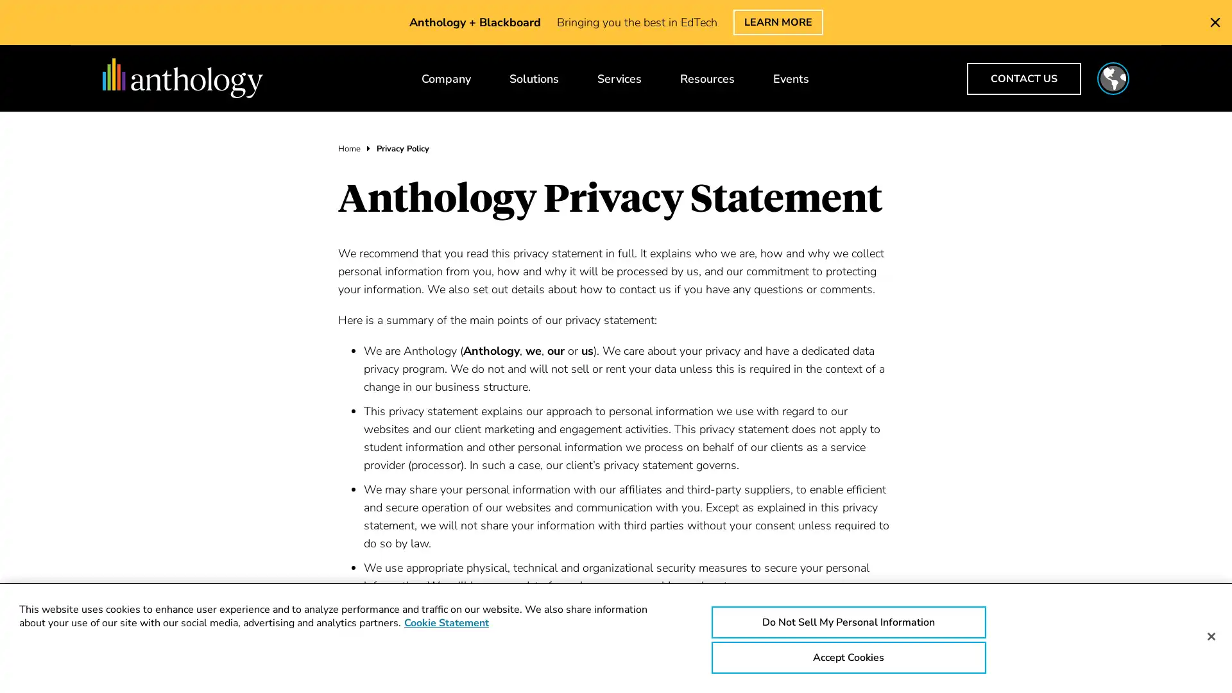 The height and width of the screenshot is (693, 1232). What do you see at coordinates (848, 658) in the screenshot?
I see `Accept Cookies` at bounding box center [848, 658].